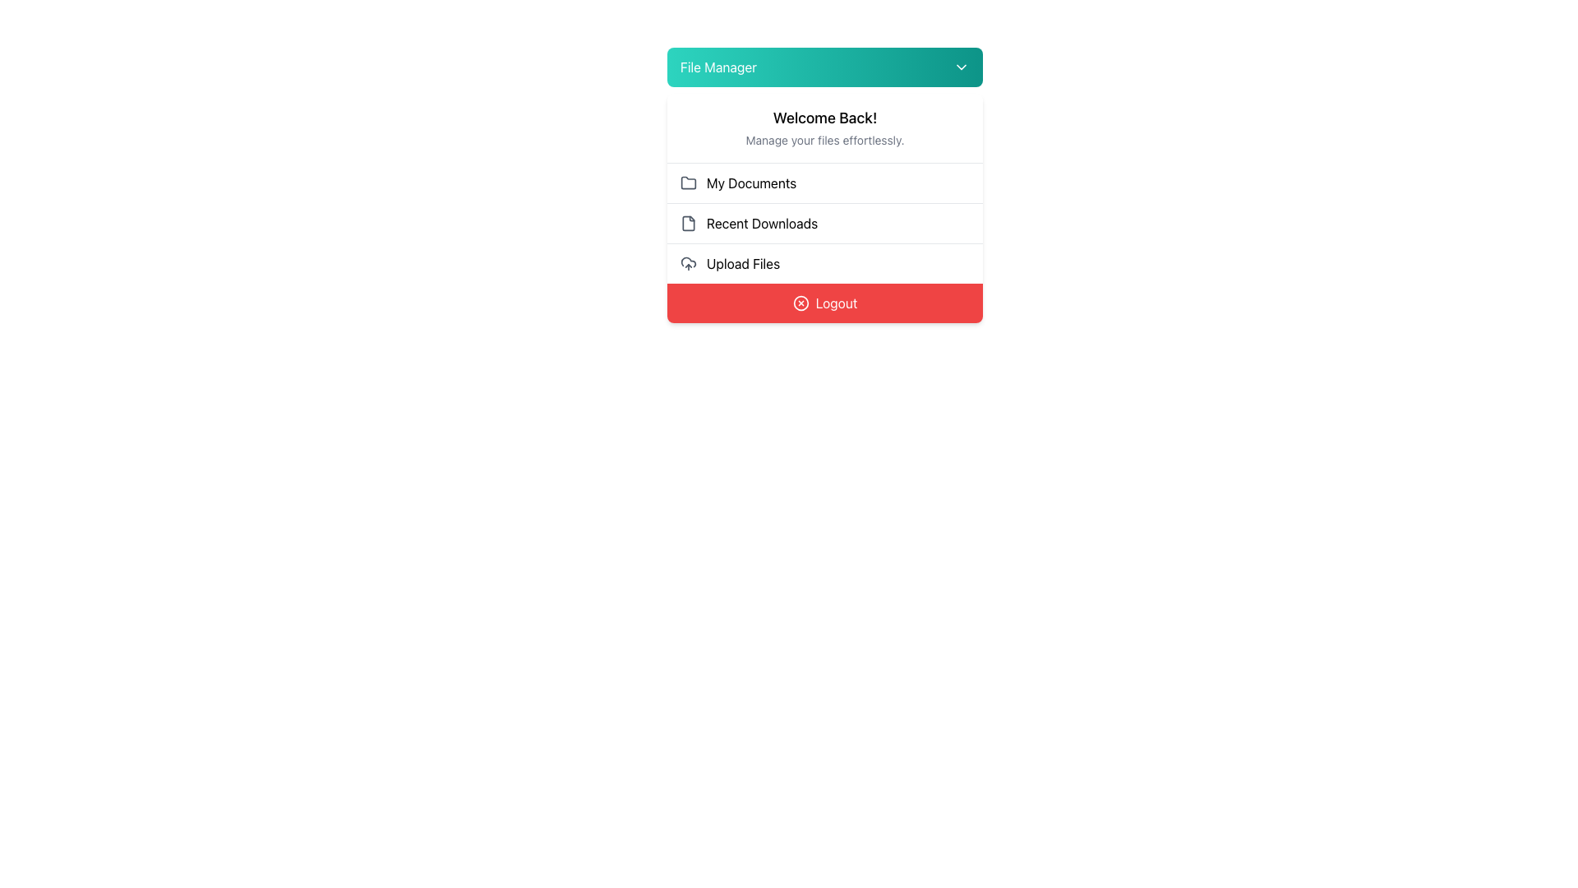  What do you see at coordinates (824, 117) in the screenshot?
I see `the bold text display that says 'Welcome Back!', which is centrally positioned above the subtitle 'Manage your files effortlessly'` at bounding box center [824, 117].